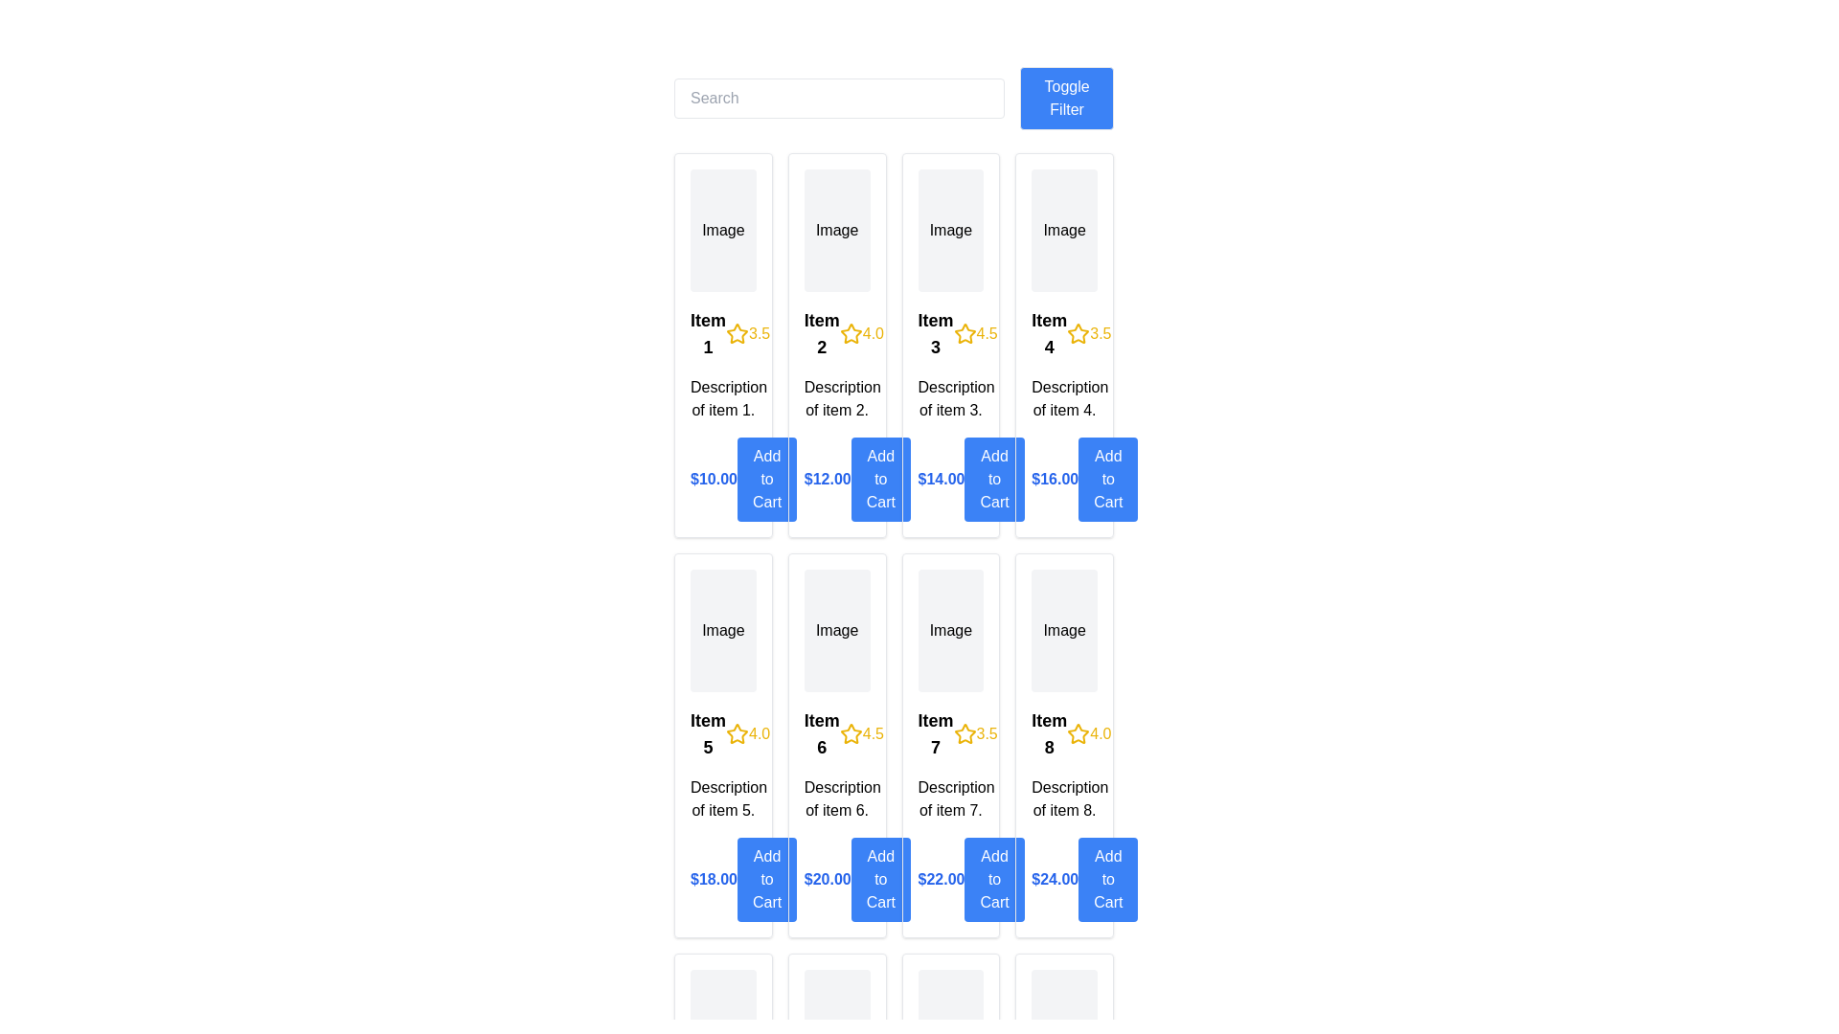  What do you see at coordinates (950, 798) in the screenshot?
I see `the textual label displaying 'Description of item 7.' which is located below the 'Item 7' title in the grid layout` at bounding box center [950, 798].